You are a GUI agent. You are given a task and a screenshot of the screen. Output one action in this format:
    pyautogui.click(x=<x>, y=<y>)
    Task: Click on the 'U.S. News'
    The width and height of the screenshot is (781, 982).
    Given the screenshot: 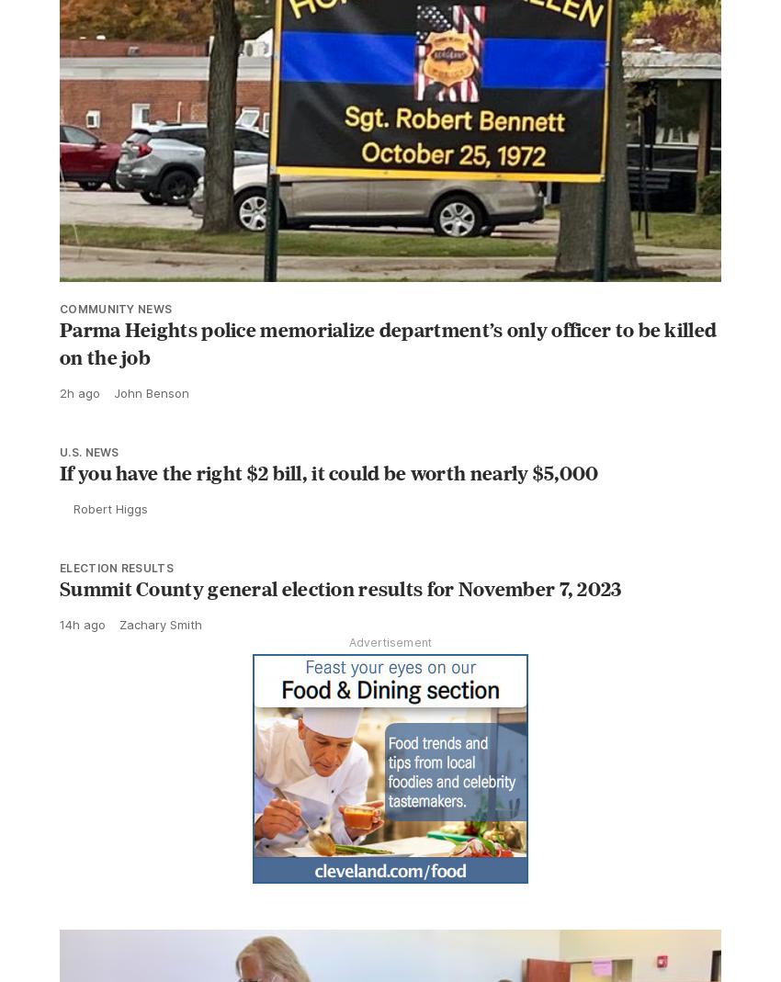 What is the action you would take?
    pyautogui.click(x=87, y=451)
    